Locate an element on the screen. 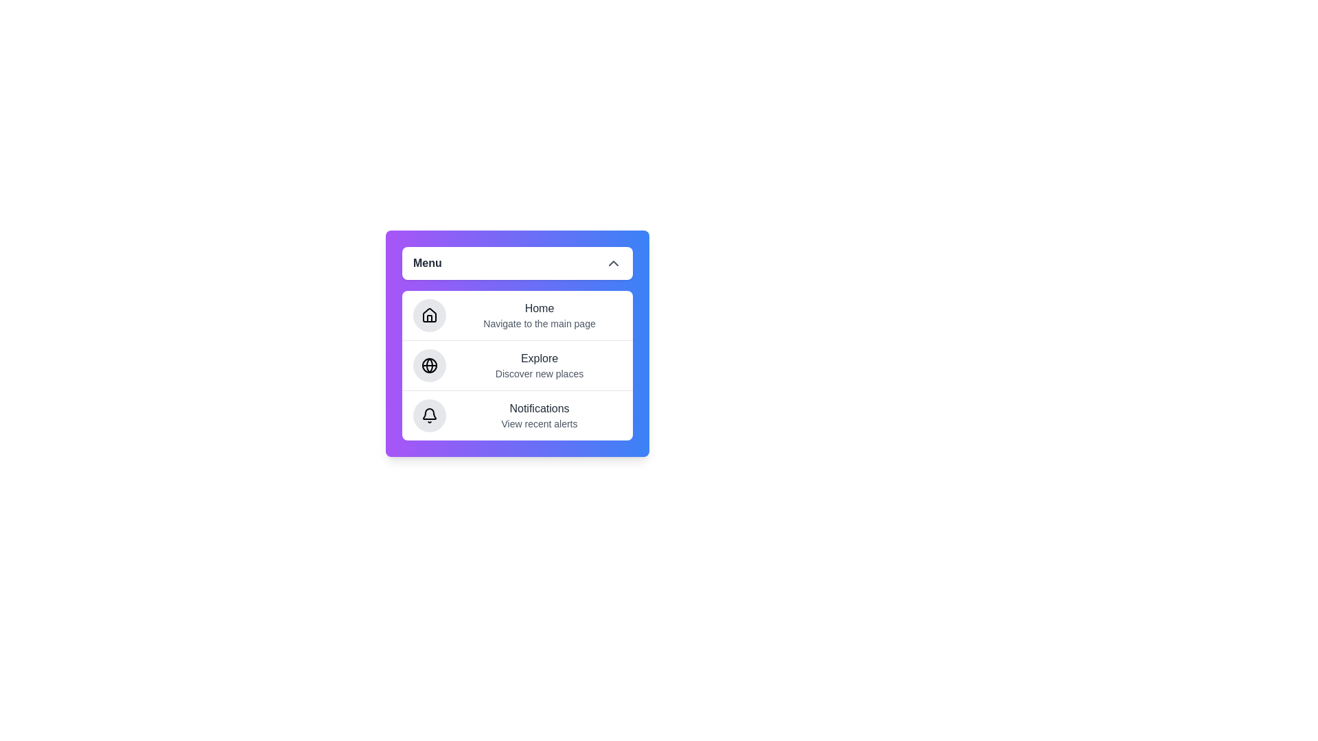 The height and width of the screenshot is (741, 1318). the 'Menu' button to toggle the menu visibility is located at coordinates (516, 263).